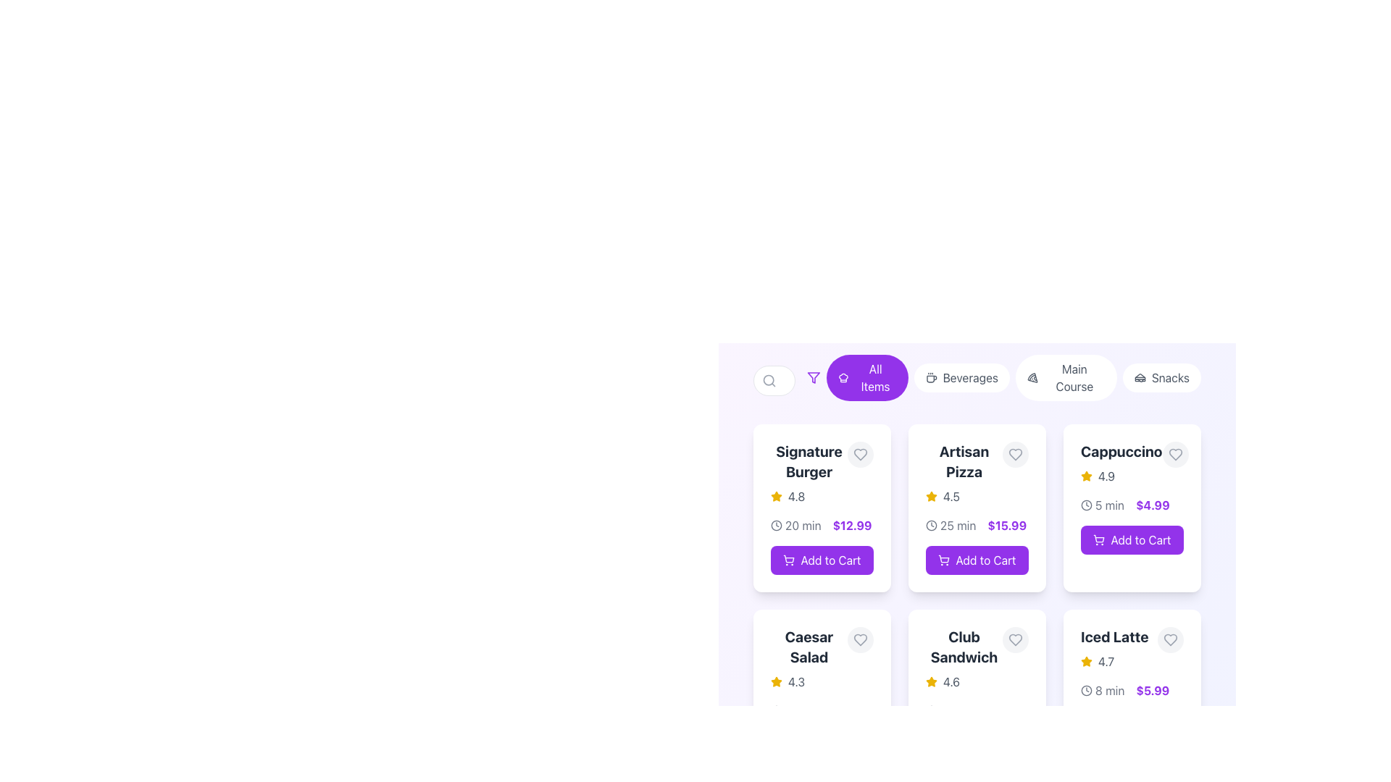 The image size is (1391, 782). What do you see at coordinates (1086, 661) in the screenshot?
I see `the yellow star icon with a filled center located within the 'Cappuccino' card, positioned to the left of the rating value '4.9'` at bounding box center [1086, 661].